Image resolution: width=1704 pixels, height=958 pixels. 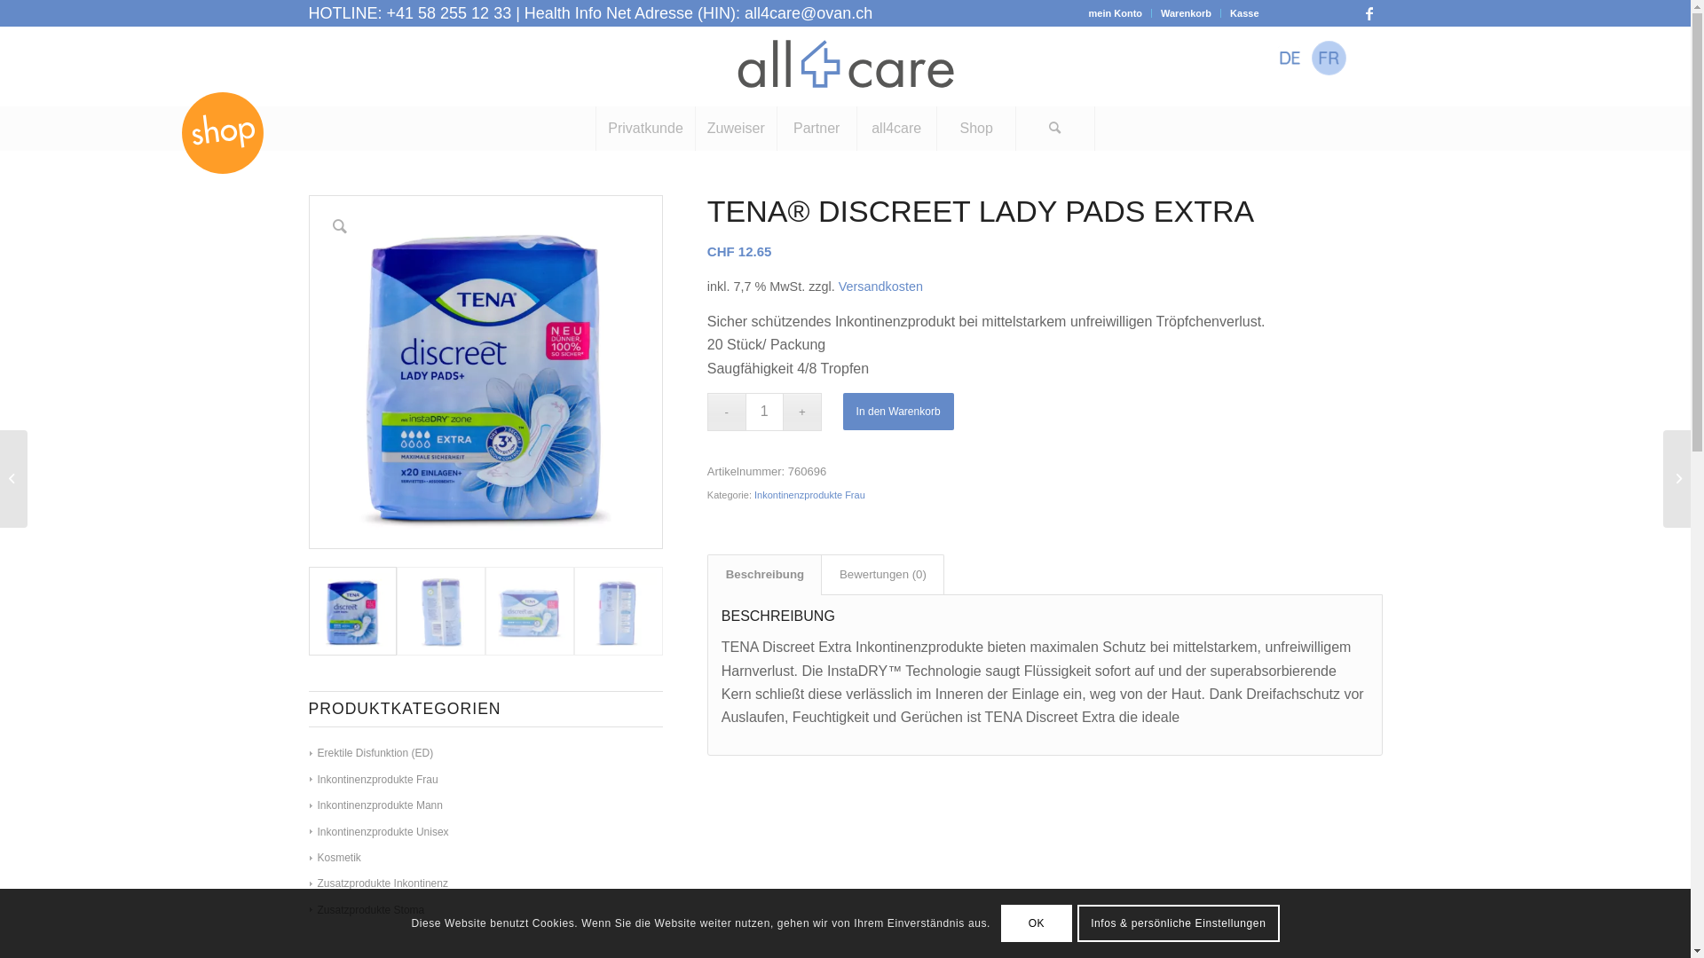 I want to click on 'Inkontinenzprodukte Mann', so click(x=374, y=805).